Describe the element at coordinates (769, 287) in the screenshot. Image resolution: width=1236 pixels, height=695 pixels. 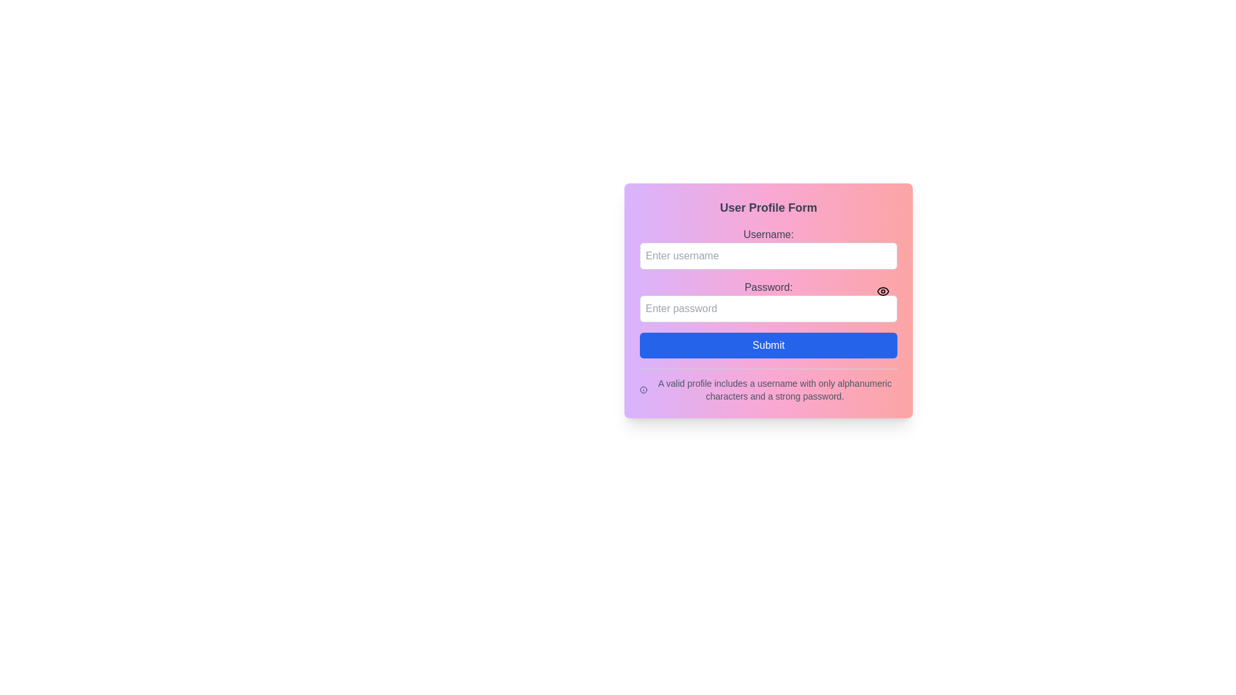
I see `the static text label indicating the purpose of the password input field, which is centrally placed above the input field within the form layout` at that location.